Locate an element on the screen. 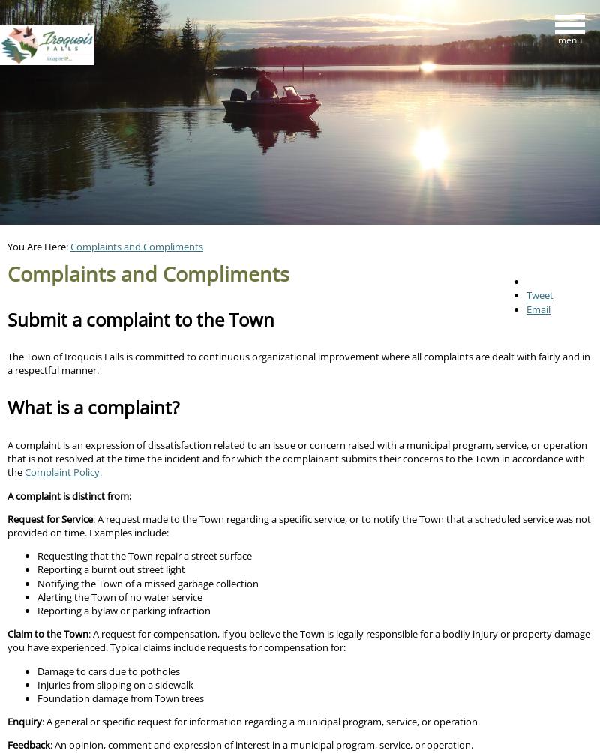 This screenshot has height=753, width=600. ': A request made to the Town regarding a specific service, or to notify the Town that a scheduled service was not provided on time. Examples include:' is located at coordinates (7, 525).